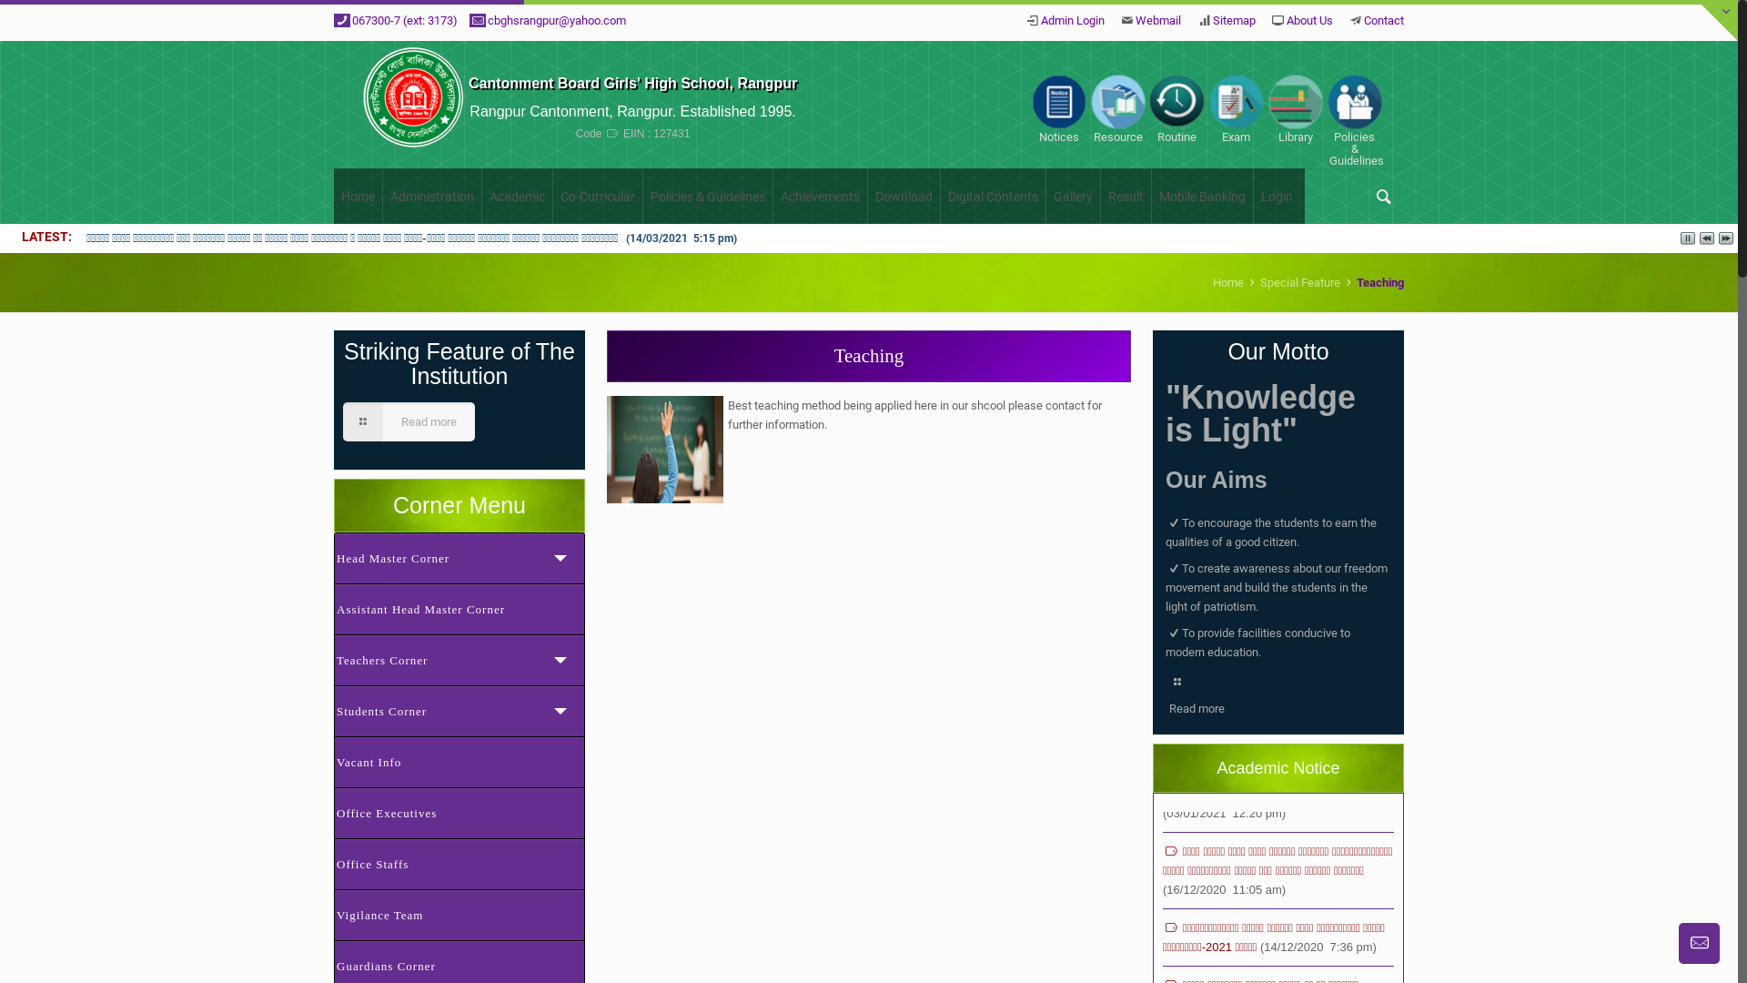 This screenshot has height=983, width=1747. What do you see at coordinates (1234, 20) in the screenshot?
I see `'Sitemap'` at bounding box center [1234, 20].